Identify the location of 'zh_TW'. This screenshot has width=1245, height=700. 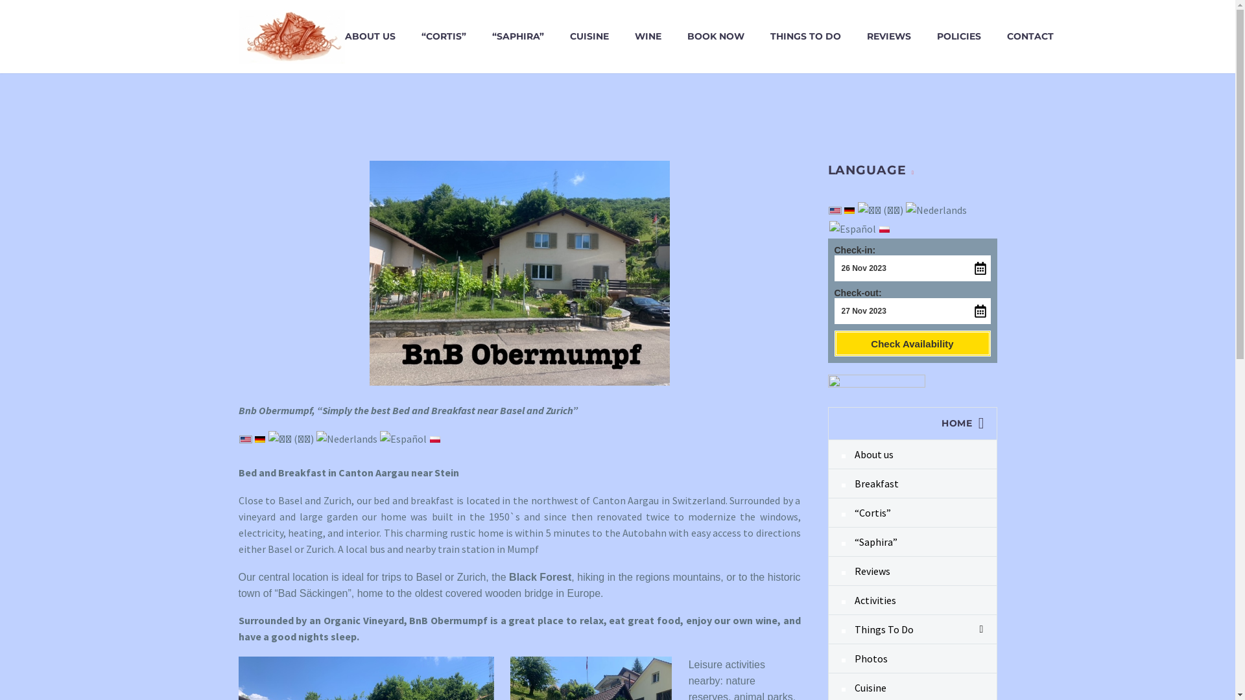
(880, 209).